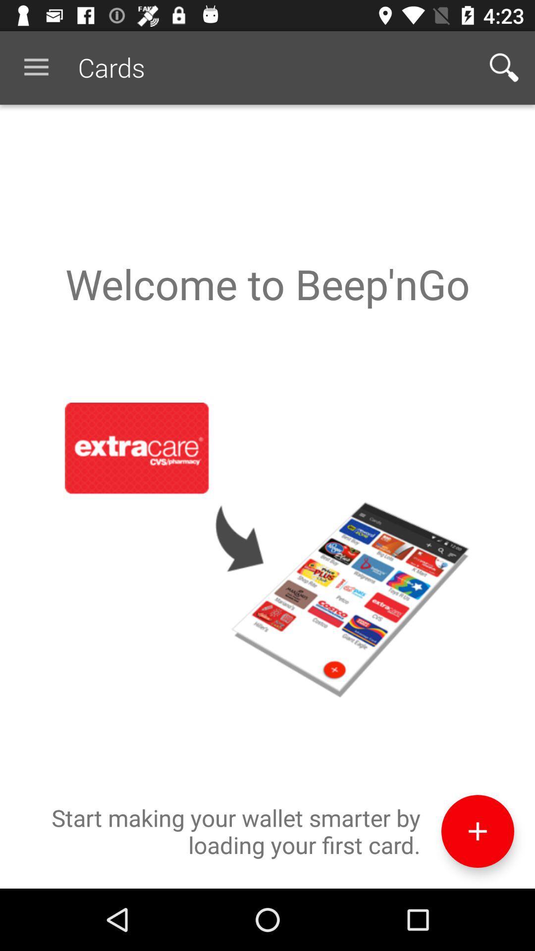 The height and width of the screenshot is (951, 535). I want to click on the add icon, so click(477, 890).